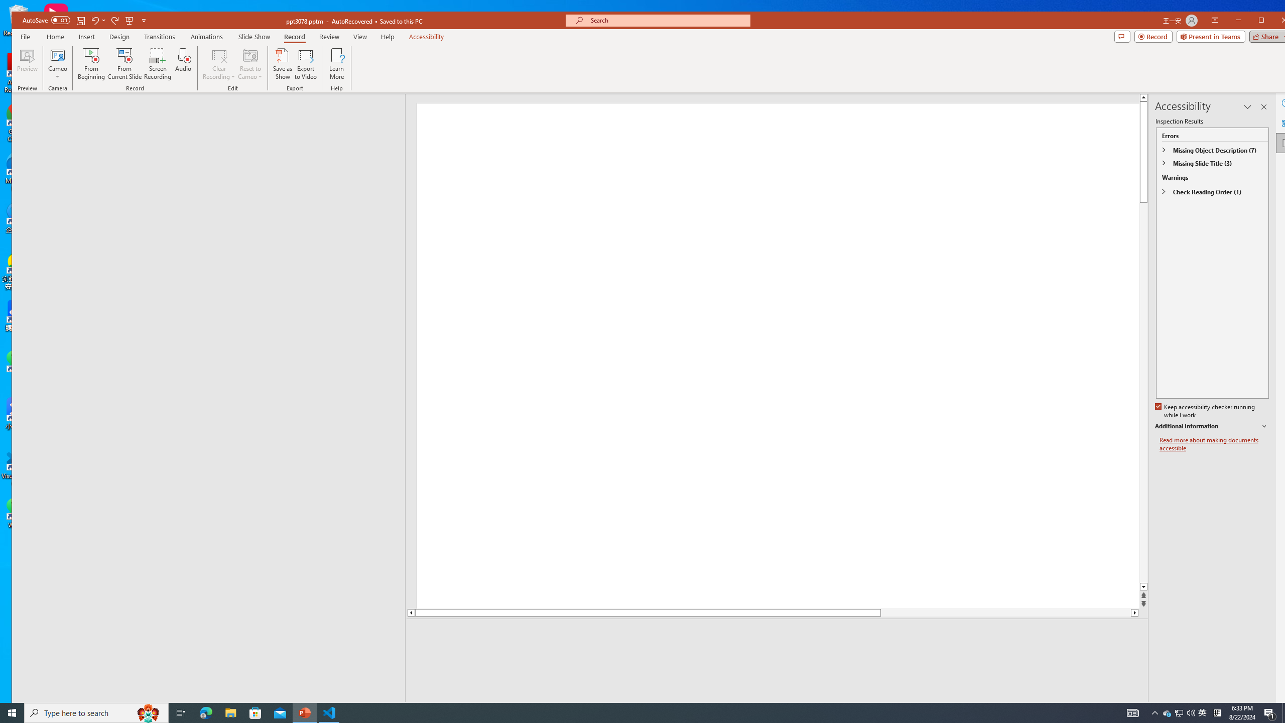 The width and height of the screenshot is (1285, 723). I want to click on 'From Current Slide...', so click(124, 63).